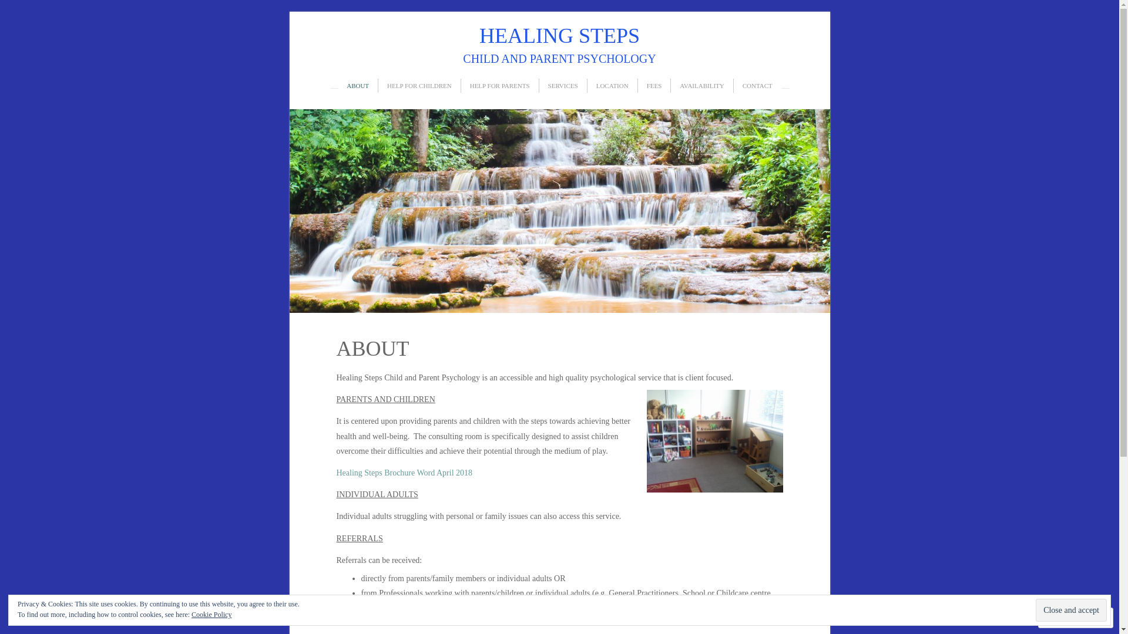  What do you see at coordinates (713, 441) in the screenshot?
I see `'Healing Steps Consulting Room'` at bounding box center [713, 441].